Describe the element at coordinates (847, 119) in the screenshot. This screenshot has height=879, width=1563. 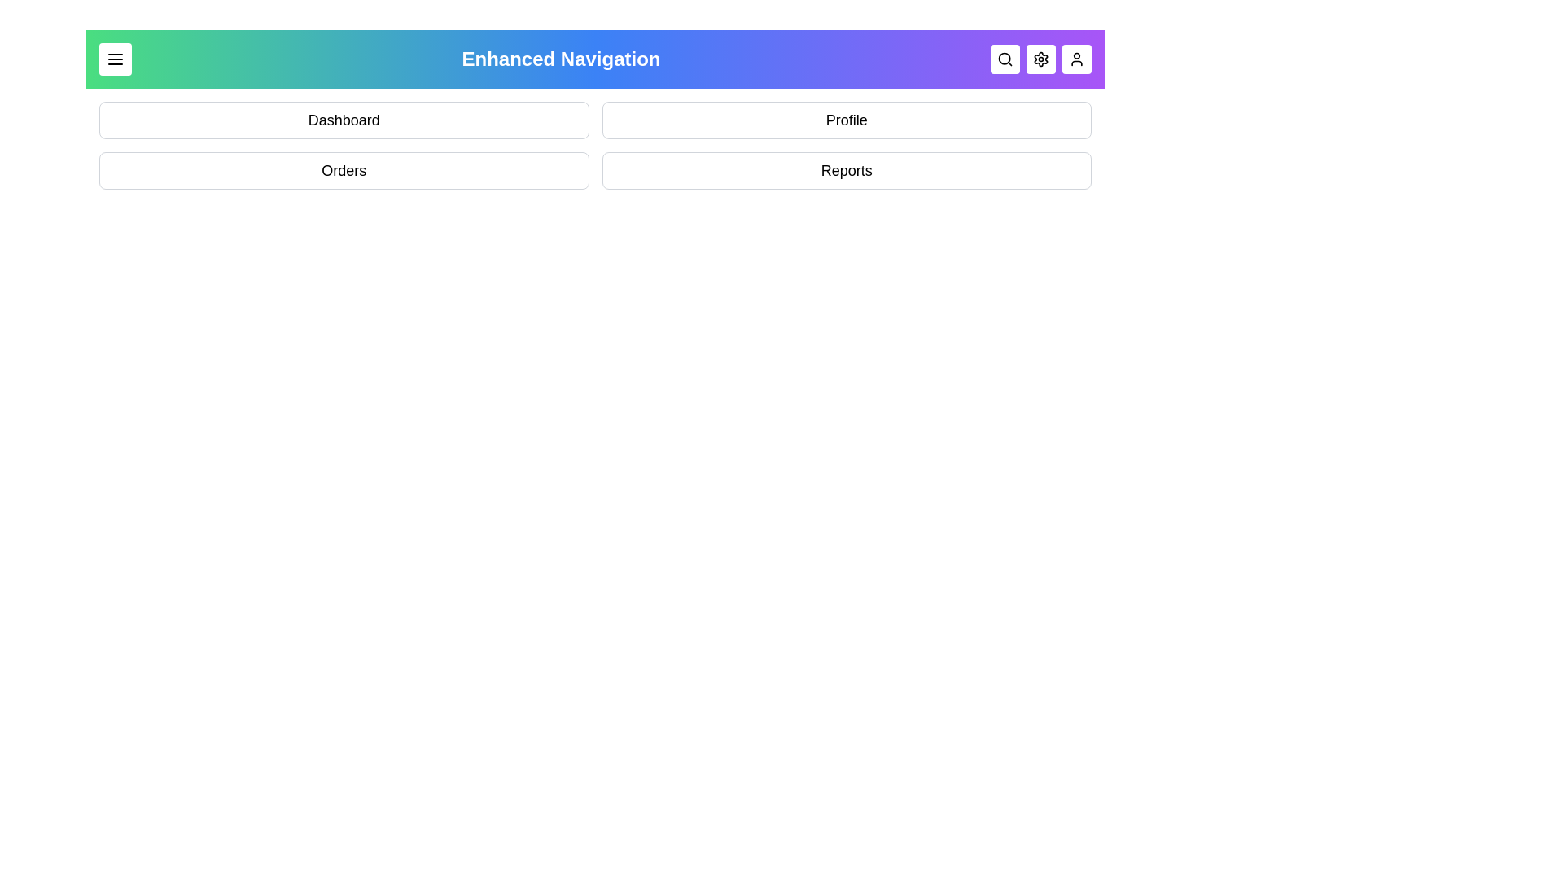
I see `the option Profile from the dropdown menu` at that location.